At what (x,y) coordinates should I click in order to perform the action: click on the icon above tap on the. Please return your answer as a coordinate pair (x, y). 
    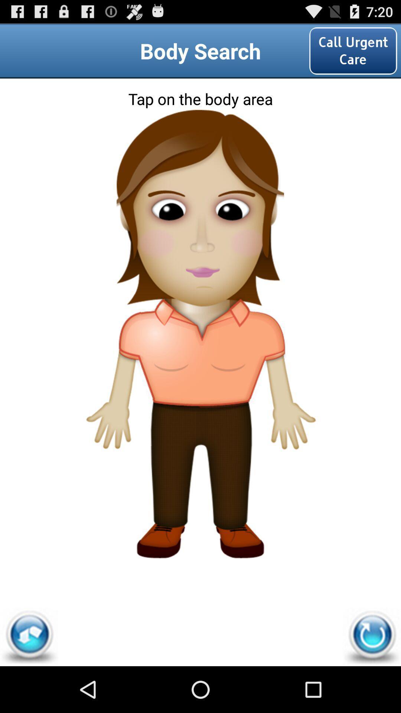
    Looking at the image, I should click on (353, 51).